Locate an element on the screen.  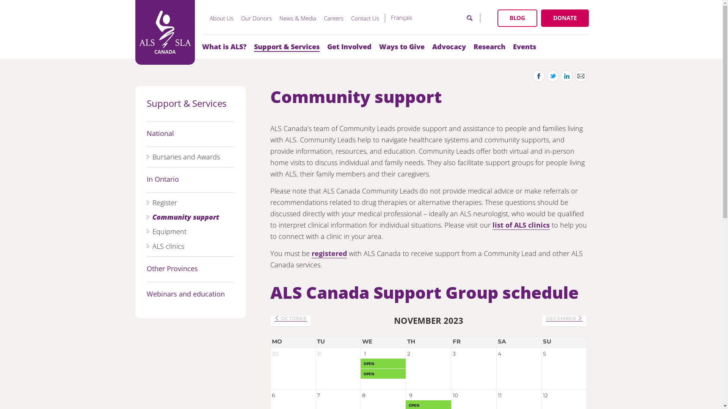
'Our Donors' is located at coordinates (240, 18).